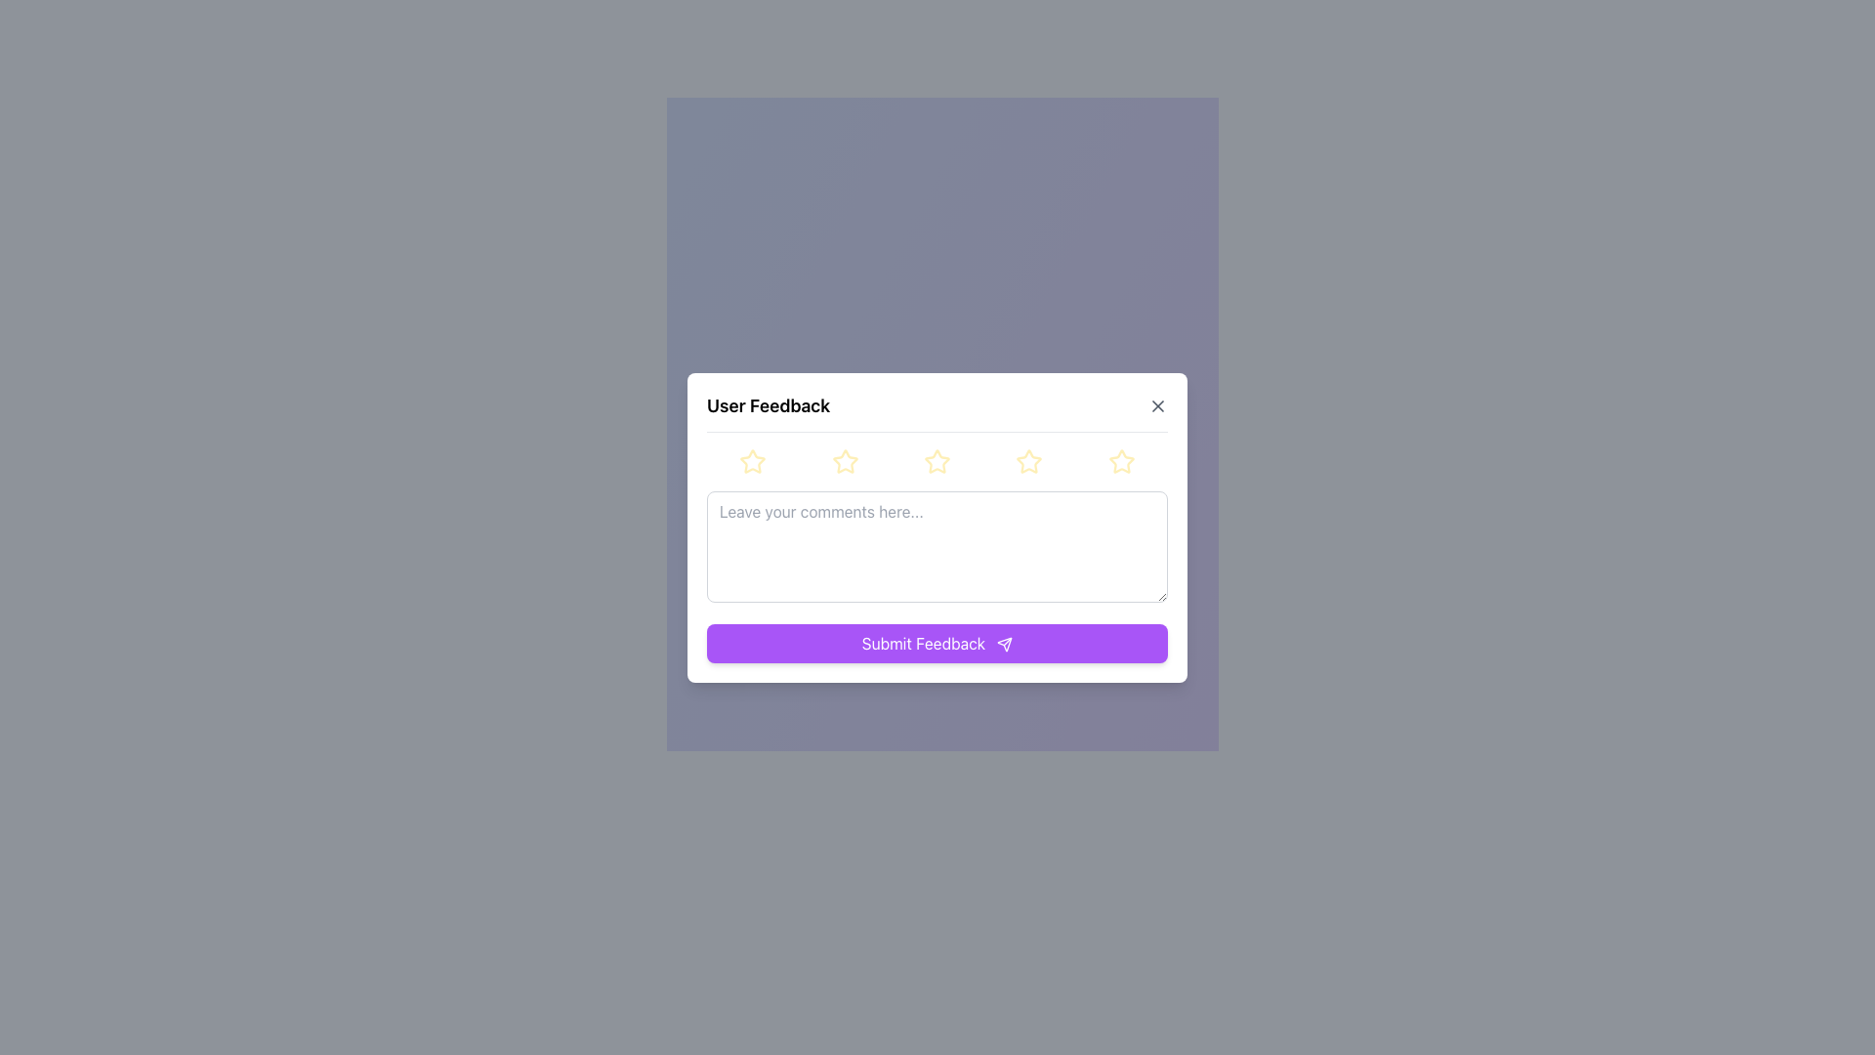 This screenshot has width=1875, height=1055. Describe the element at coordinates (1005, 645) in the screenshot. I see `the 'Submit Feedback' button containing the triangular icon` at that location.